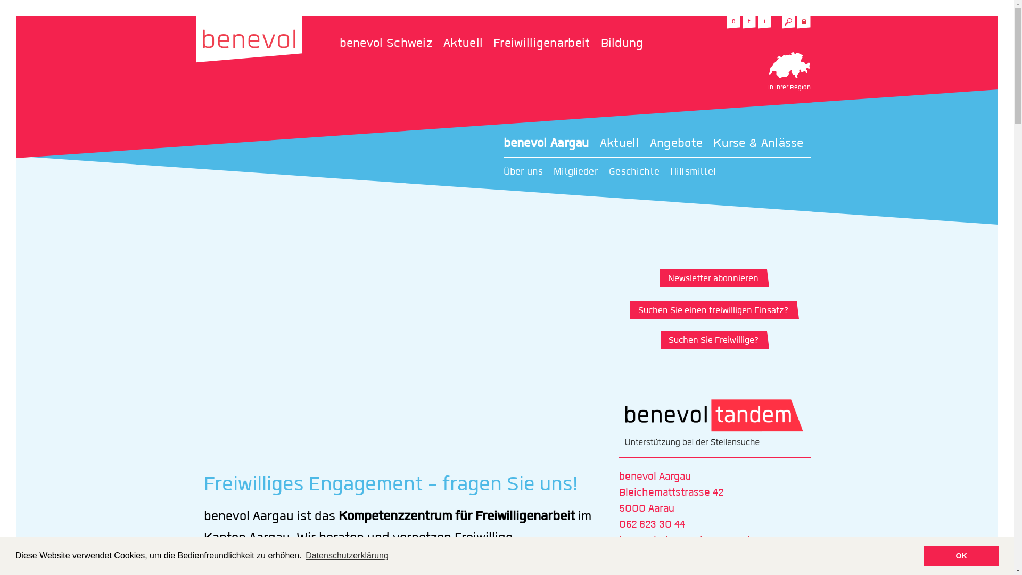  Describe the element at coordinates (547, 43) in the screenshot. I see `'Freiwilligenarbeit'` at that location.